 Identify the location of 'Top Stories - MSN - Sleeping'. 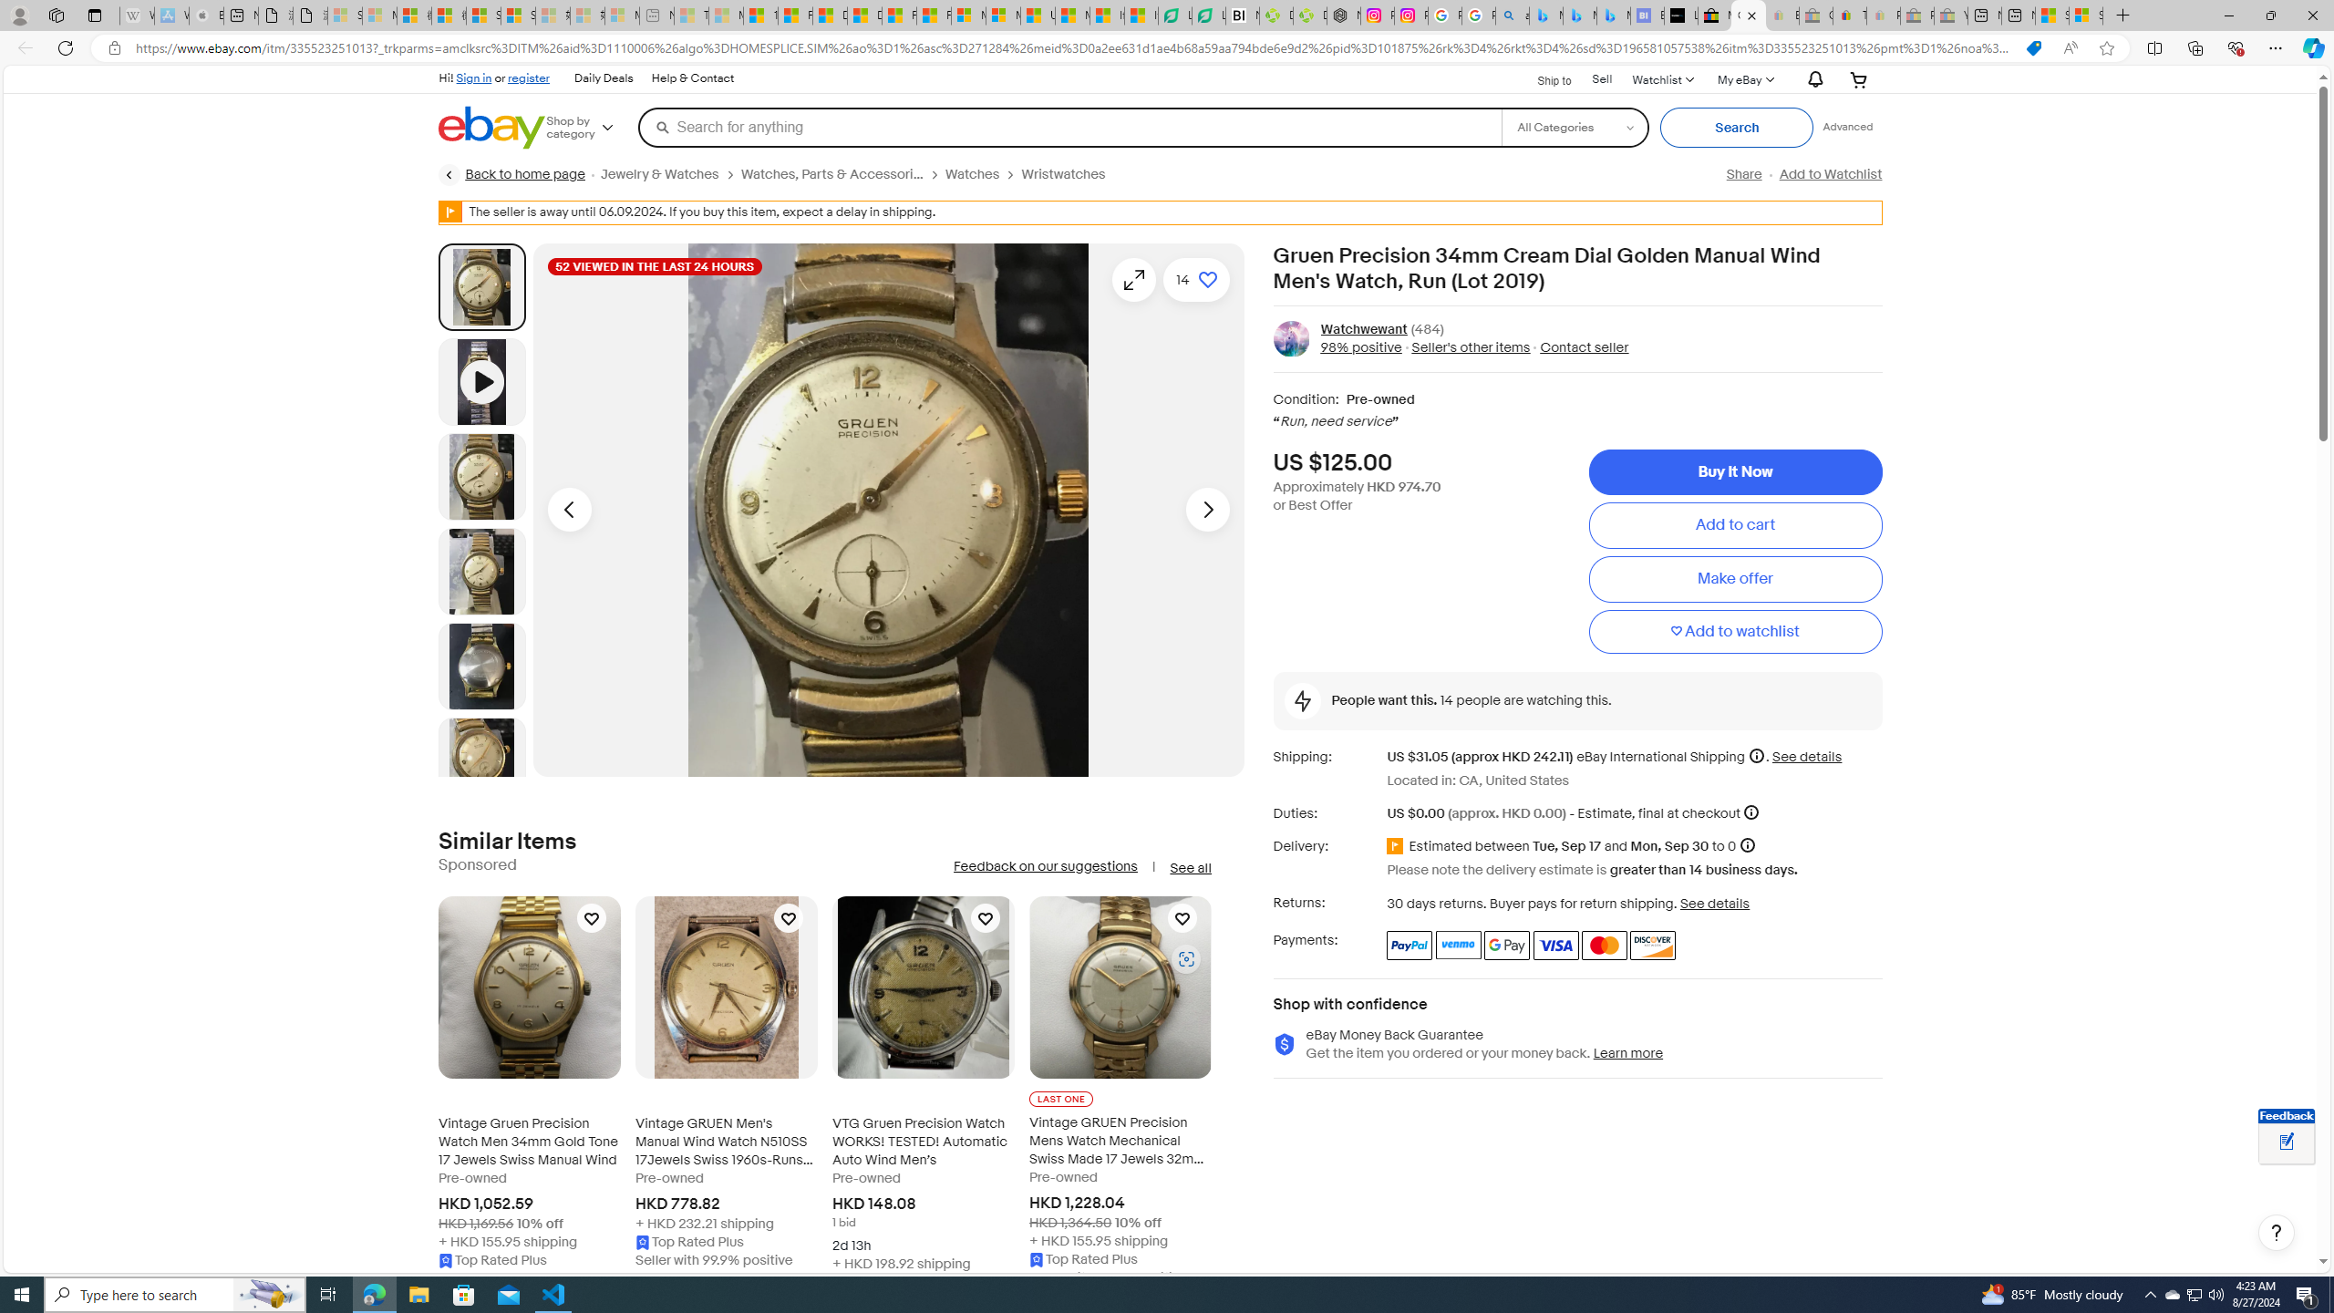
(691, 15).